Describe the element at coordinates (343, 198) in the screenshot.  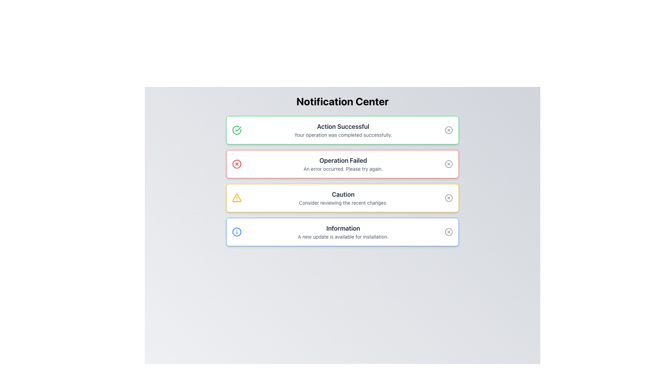
I see `text content of the third notification panel in the Notification Center, which has a yellow border and contains the title 'Caution' and the text 'Consider reviewing the recent changes.'` at that location.